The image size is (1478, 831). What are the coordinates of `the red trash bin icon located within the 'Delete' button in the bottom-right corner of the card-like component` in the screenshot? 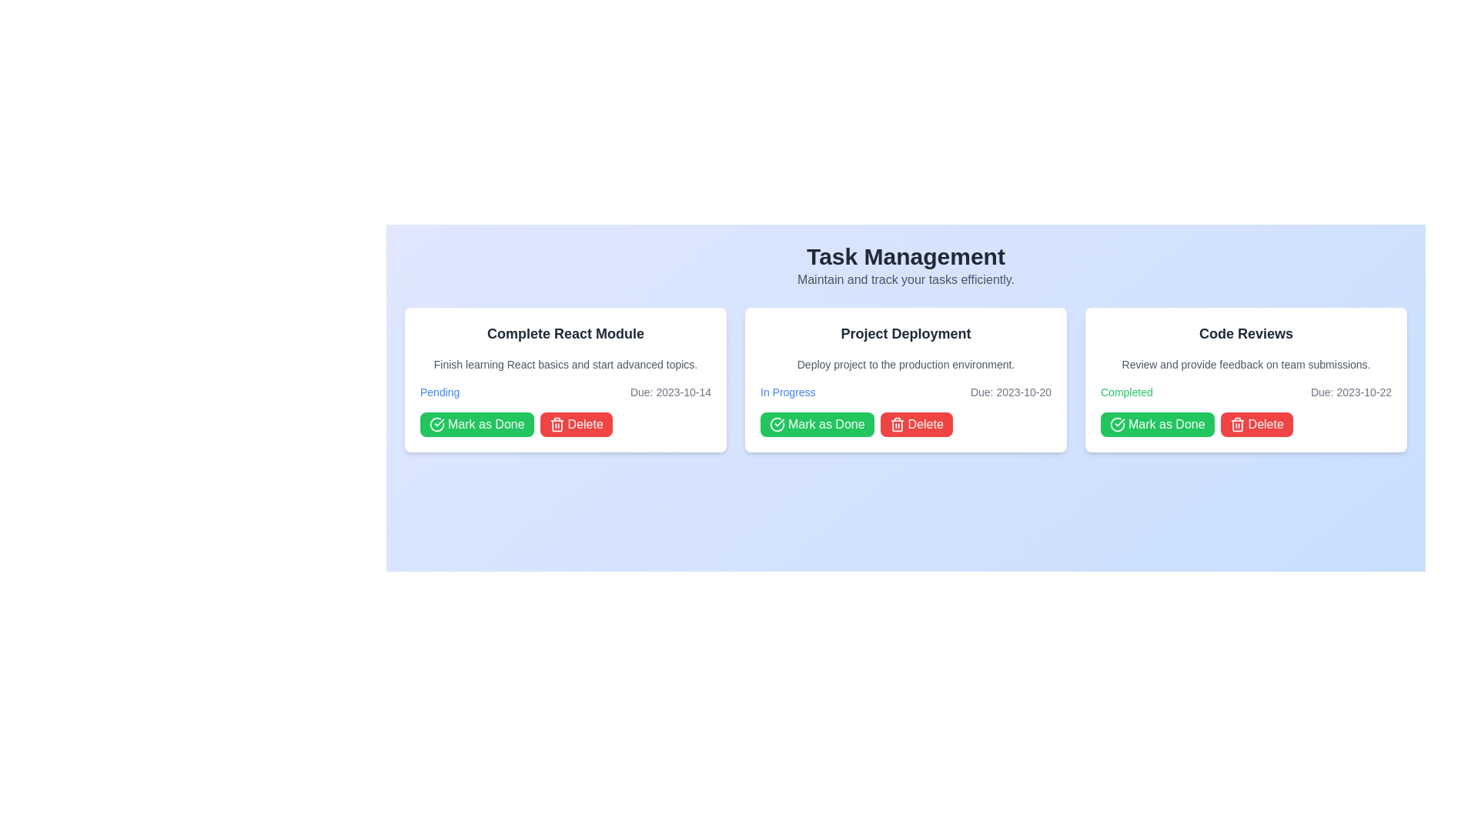 It's located at (1237, 424).